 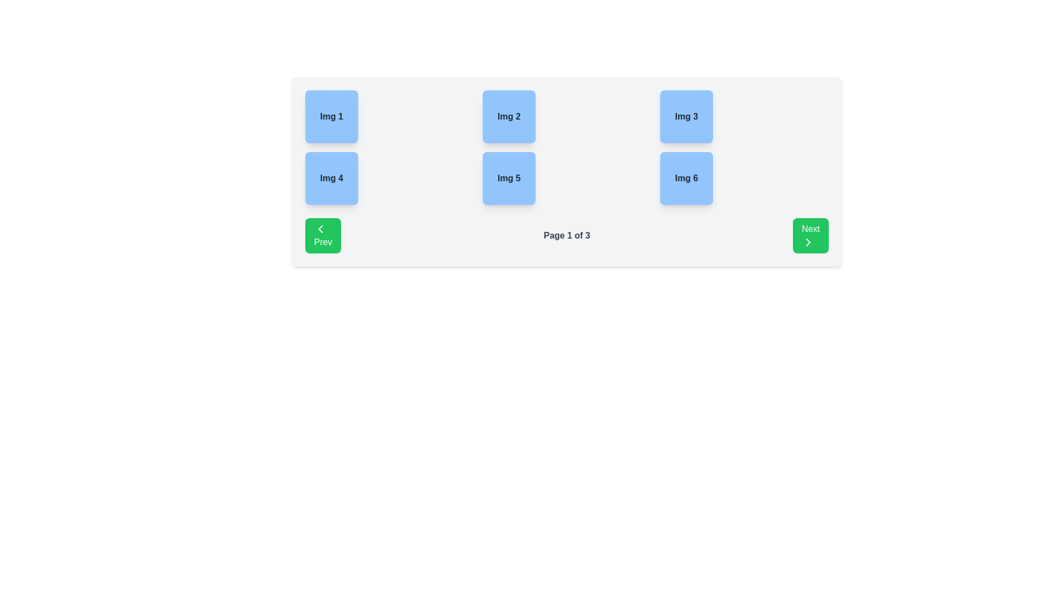 What do you see at coordinates (808, 241) in the screenshot?
I see `the right-pointing chevron icon located within the green 'Next' button at the bottom right of the interface` at bounding box center [808, 241].